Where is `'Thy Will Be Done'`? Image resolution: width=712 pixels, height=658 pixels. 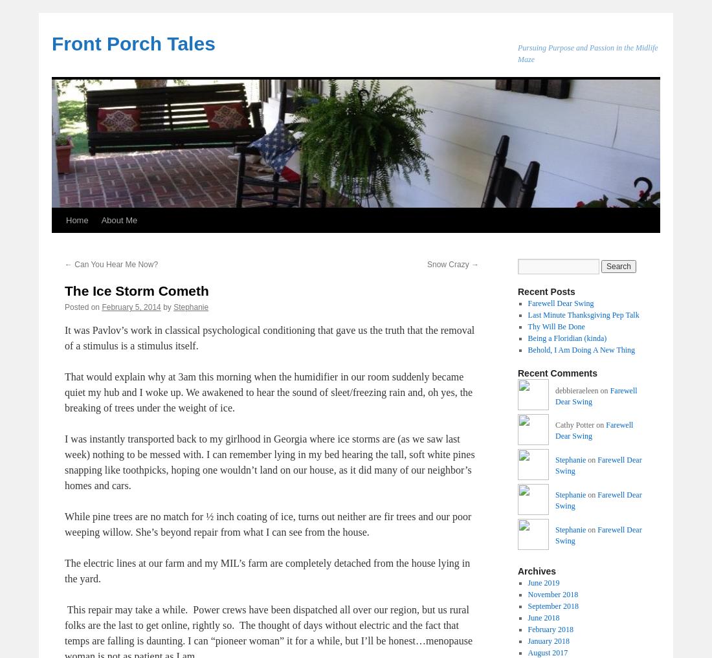 'Thy Will Be Done' is located at coordinates (555, 326).